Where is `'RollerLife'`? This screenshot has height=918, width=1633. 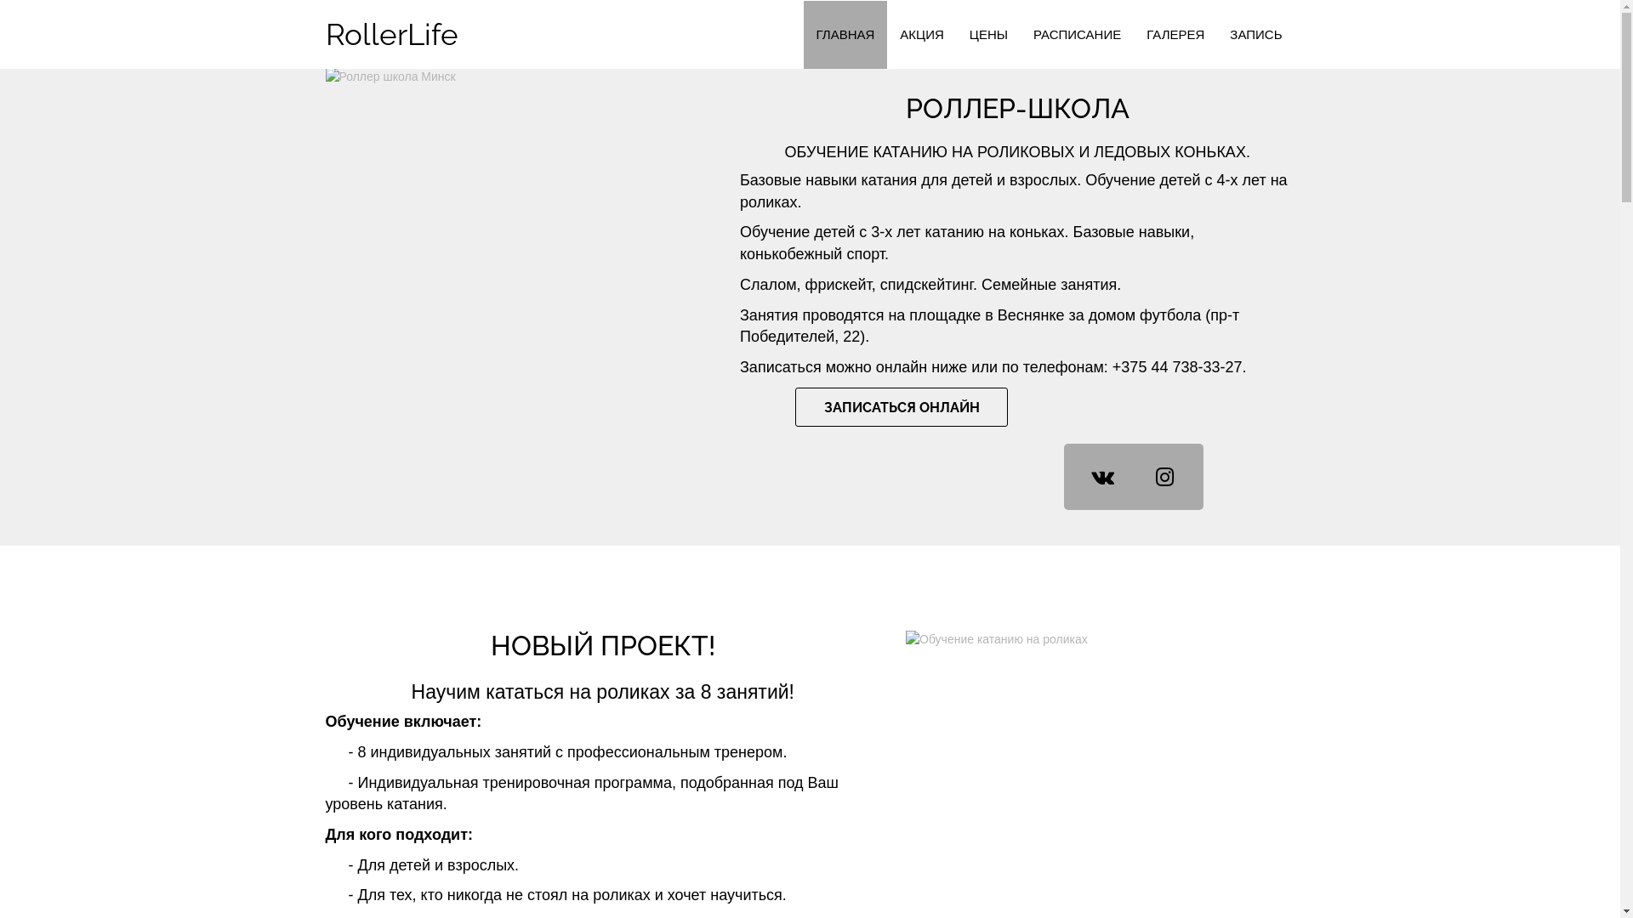
'RollerLife' is located at coordinates (313, 35).